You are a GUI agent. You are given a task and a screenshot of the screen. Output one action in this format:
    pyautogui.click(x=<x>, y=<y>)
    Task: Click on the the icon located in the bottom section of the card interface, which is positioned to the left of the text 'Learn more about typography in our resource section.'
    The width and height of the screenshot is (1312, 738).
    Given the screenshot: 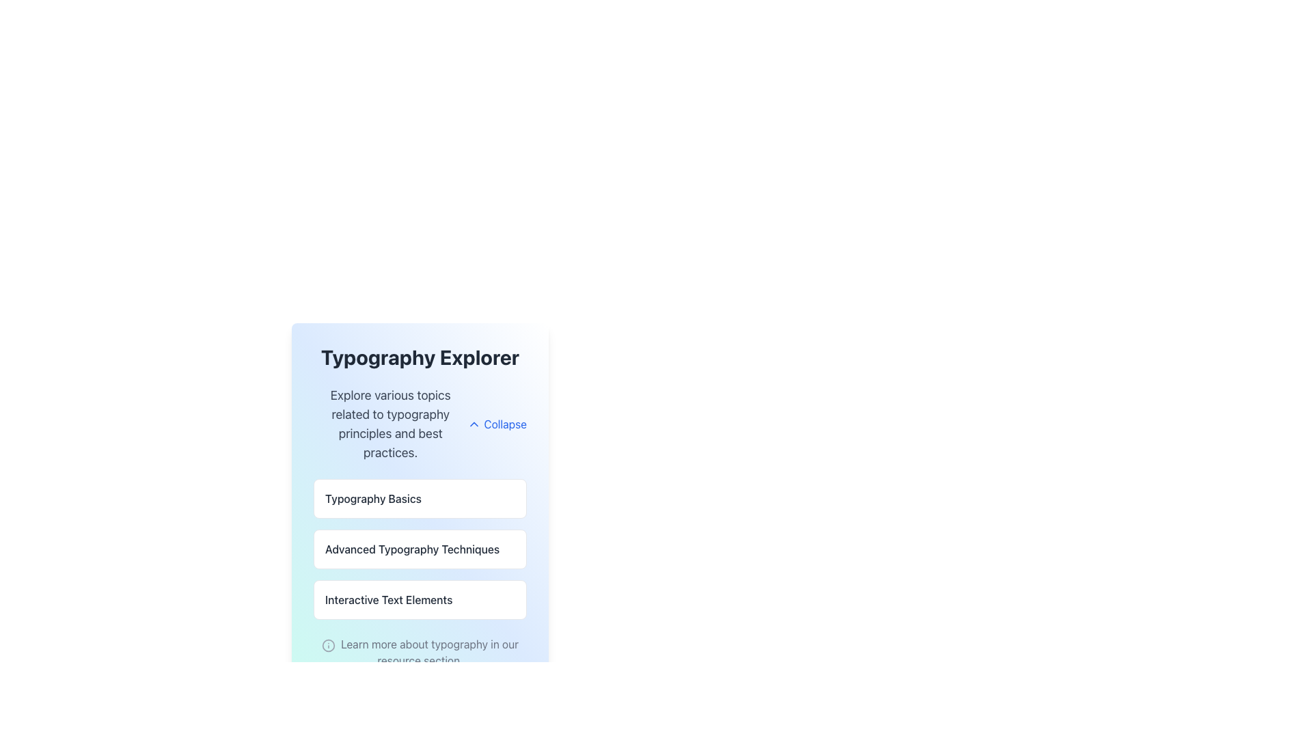 What is the action you would take?
    pyautogui.click(x=329, y=645)
    